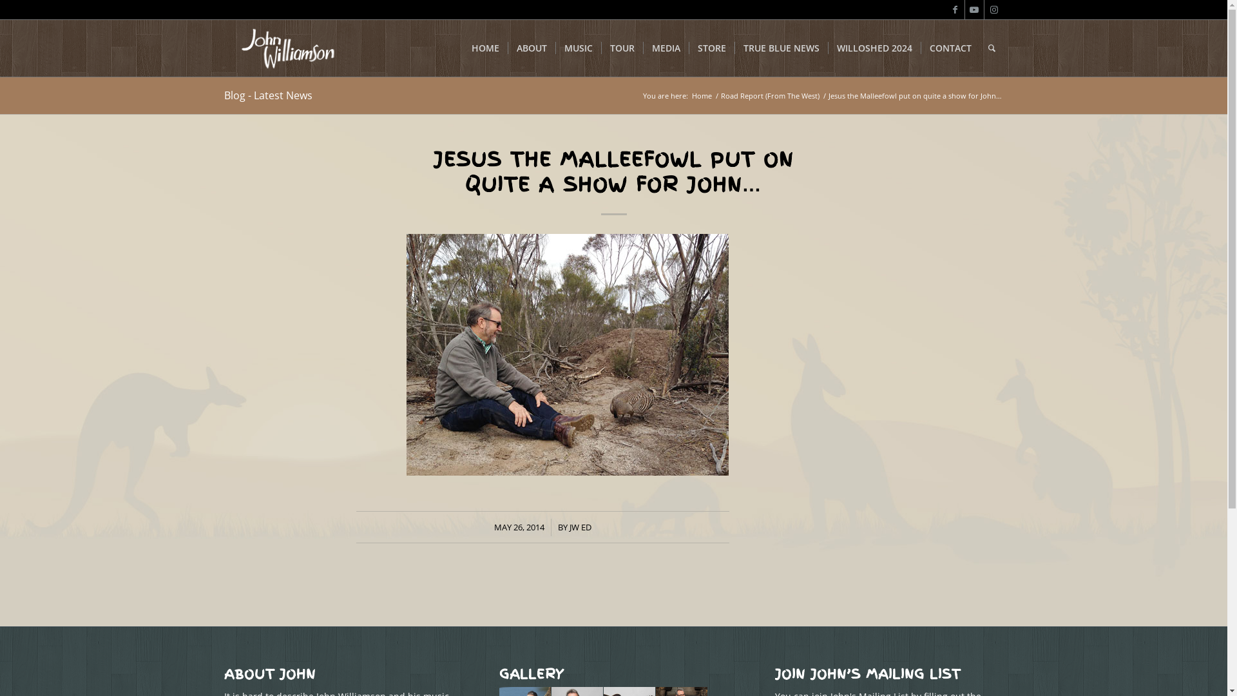  What do you see at coordinates (993, 10) in the screenshot?
I see `'Instagram'` at bounding box center [993, 10].